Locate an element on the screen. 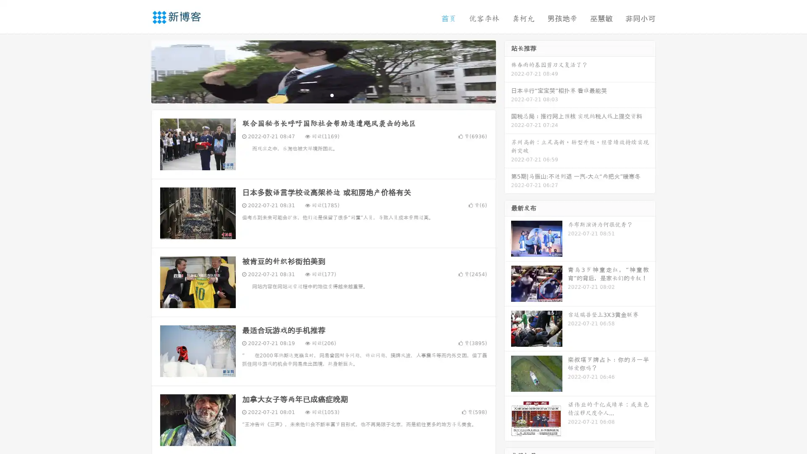  Go to slide 3 is located at coordinates (332, 95).